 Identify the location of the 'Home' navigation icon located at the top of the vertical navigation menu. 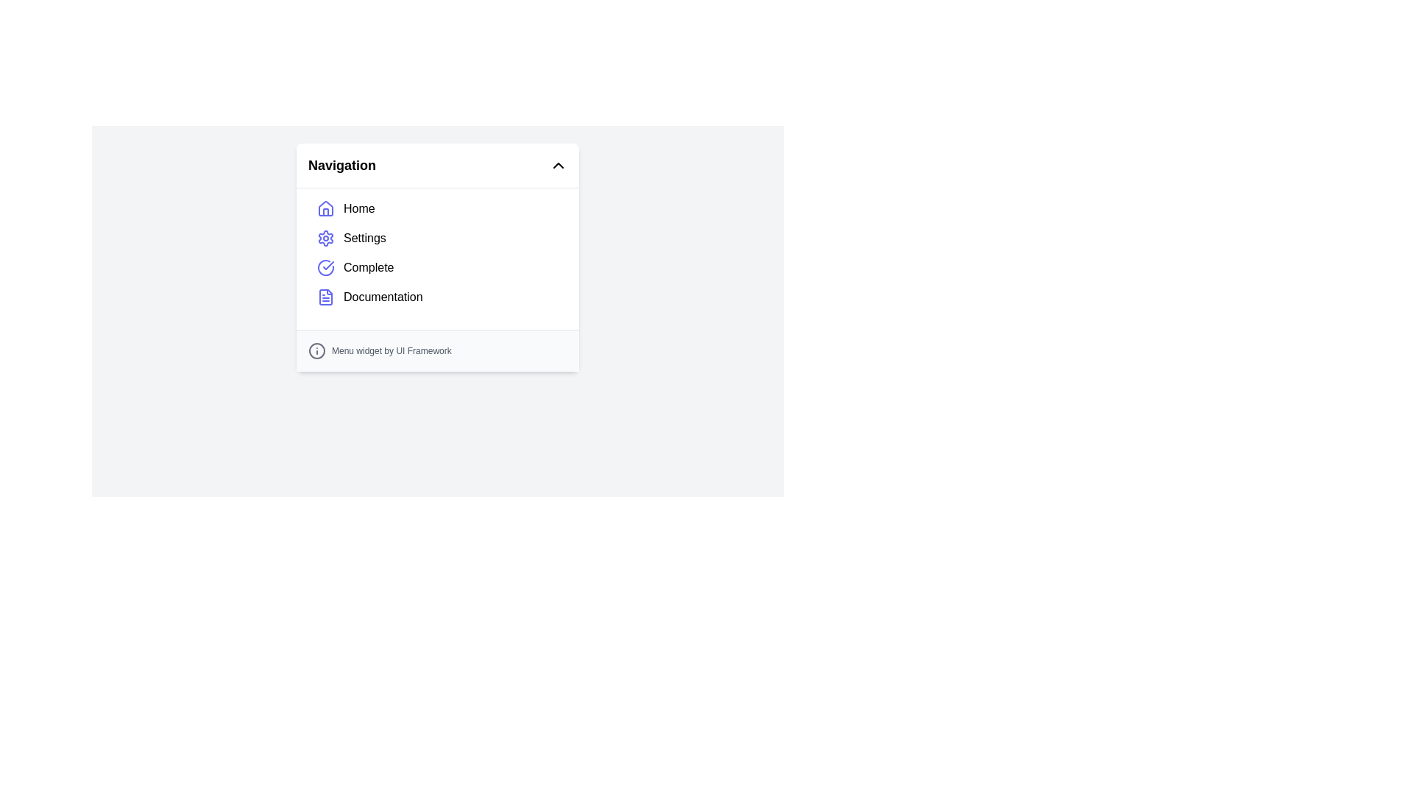
(325, 212).